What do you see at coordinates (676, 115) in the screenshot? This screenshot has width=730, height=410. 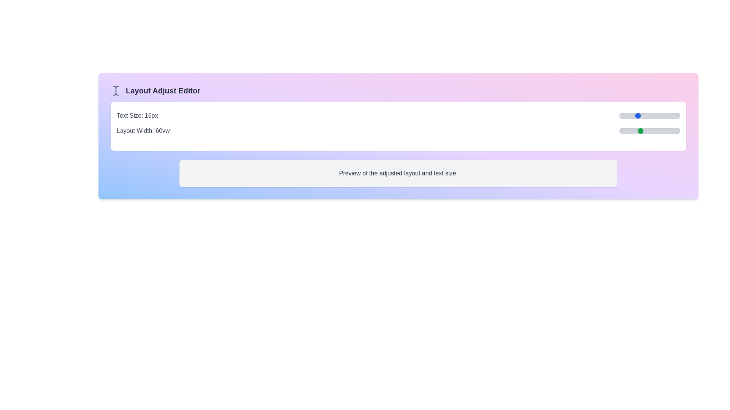 I see `the text size` at bounding box center [676, 115].